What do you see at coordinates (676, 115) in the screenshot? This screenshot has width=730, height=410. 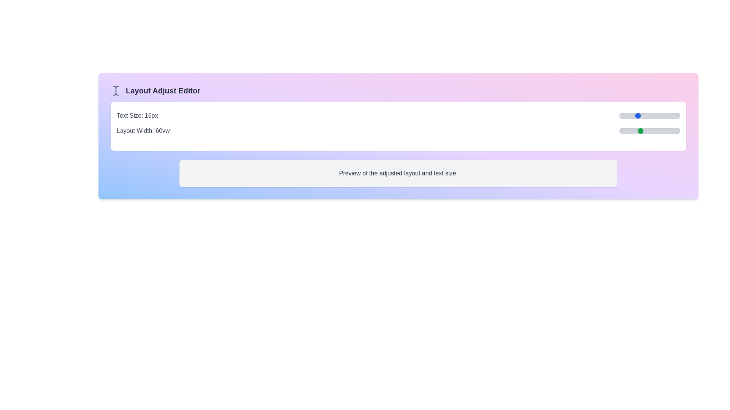 I see `the text size` at bounding box center [676, 115].